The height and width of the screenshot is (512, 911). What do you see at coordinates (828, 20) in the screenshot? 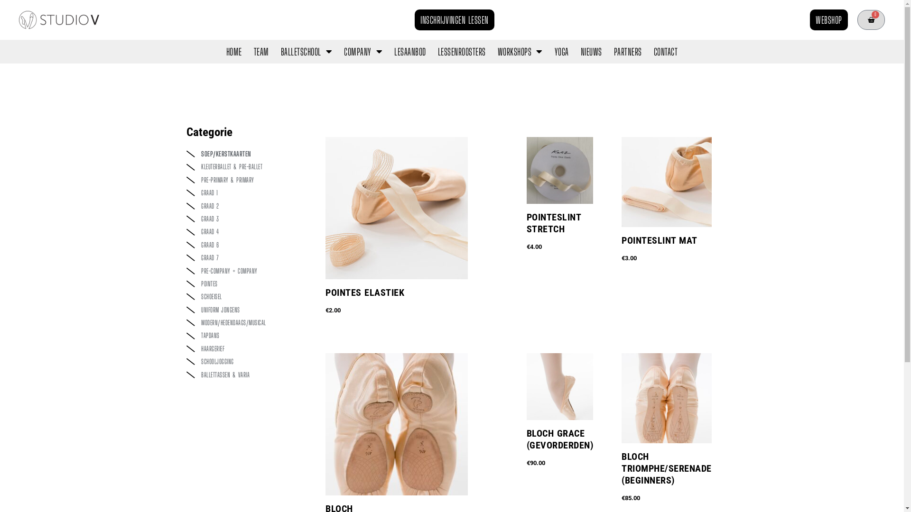
I see `'WEBSHOP'` at bounding box center [828, 20].